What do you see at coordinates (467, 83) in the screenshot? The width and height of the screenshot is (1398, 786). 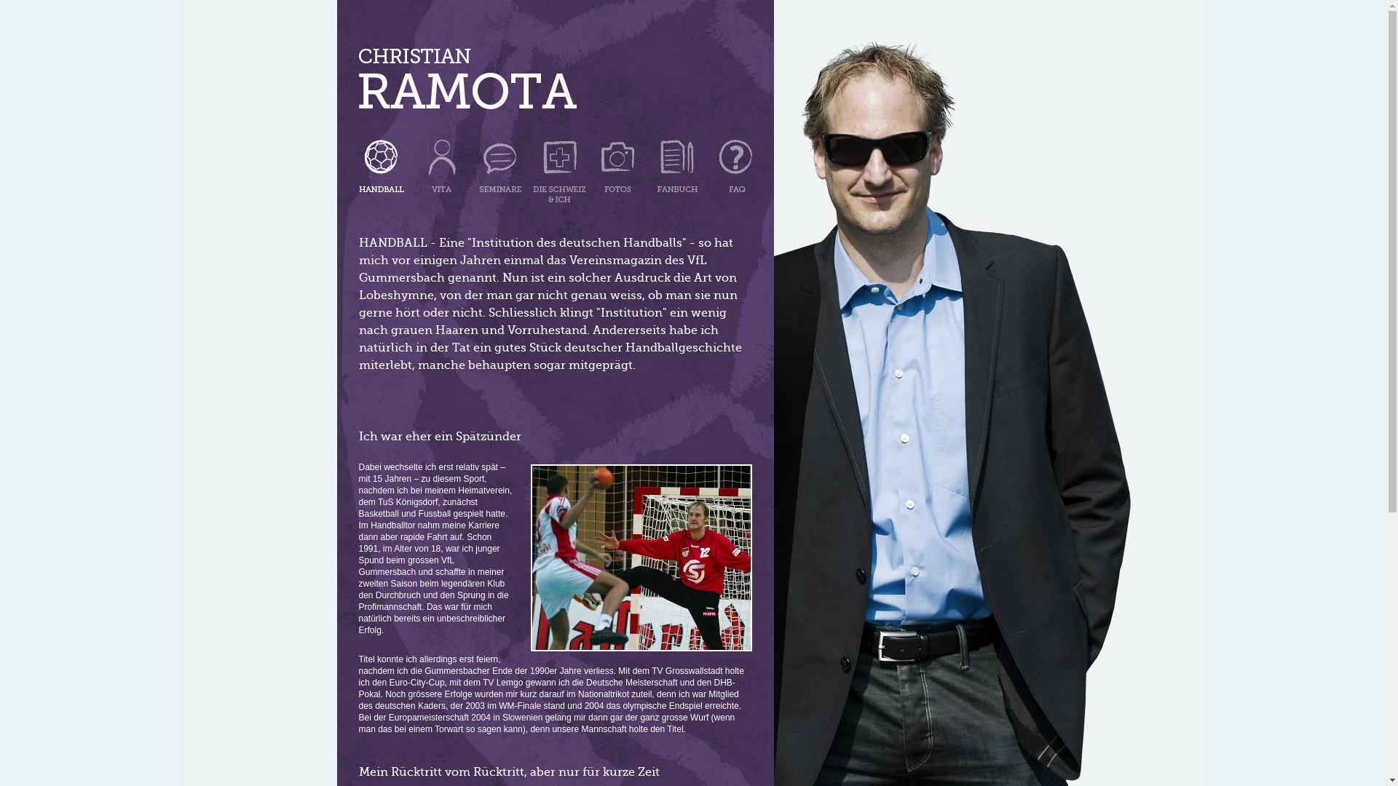 I see `' '` at bounding box center [467, 83].